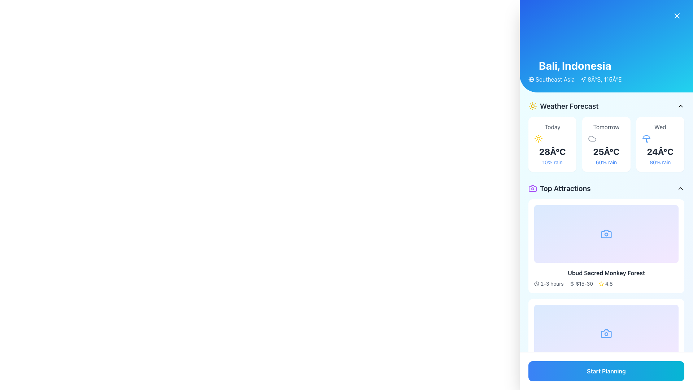 The image size is (693, 390). Describe the element at coordinates (575, 71) in the screenshot. I see `the text block displaying the heading 'Bali, Indonesia' and subheading 'Southeast Asia 8°S, 115°E' located in the top-right section of a card-like component` at that location.